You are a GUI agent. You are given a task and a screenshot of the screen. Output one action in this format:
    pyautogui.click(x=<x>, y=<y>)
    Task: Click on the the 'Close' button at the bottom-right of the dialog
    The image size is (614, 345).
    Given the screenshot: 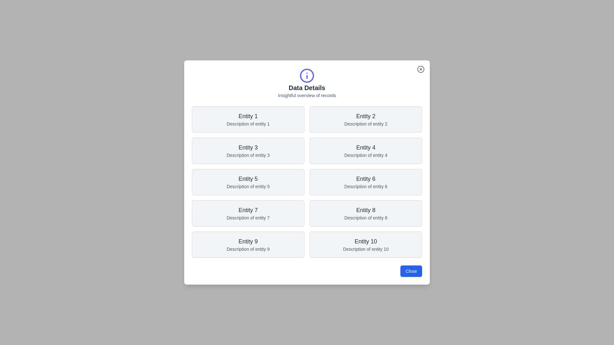 What is the action you would take?
    pyautogui.click(x=411, y=271)
    